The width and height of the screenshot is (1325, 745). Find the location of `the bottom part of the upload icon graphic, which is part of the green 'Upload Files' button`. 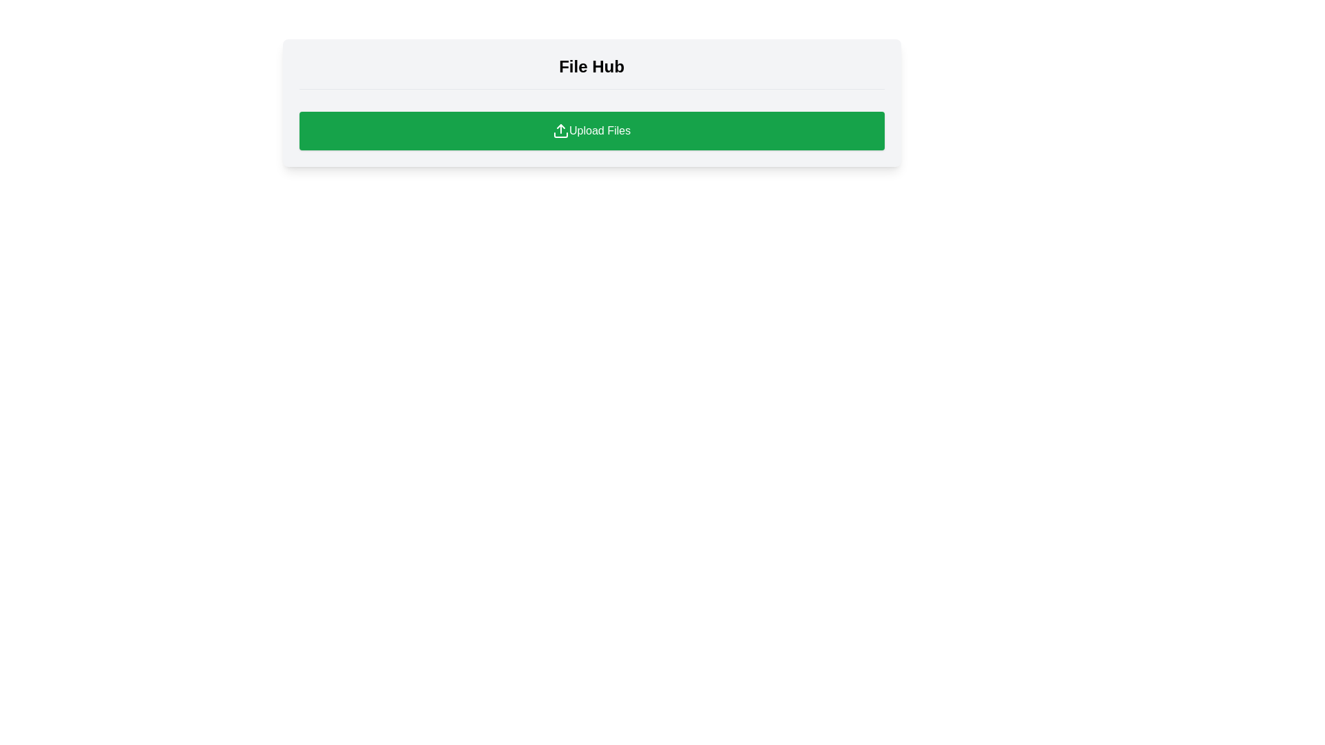

the bottom part of the upload icon graphic, which is part of the green 'Upload Files' button is located at coordinates (561, 135).